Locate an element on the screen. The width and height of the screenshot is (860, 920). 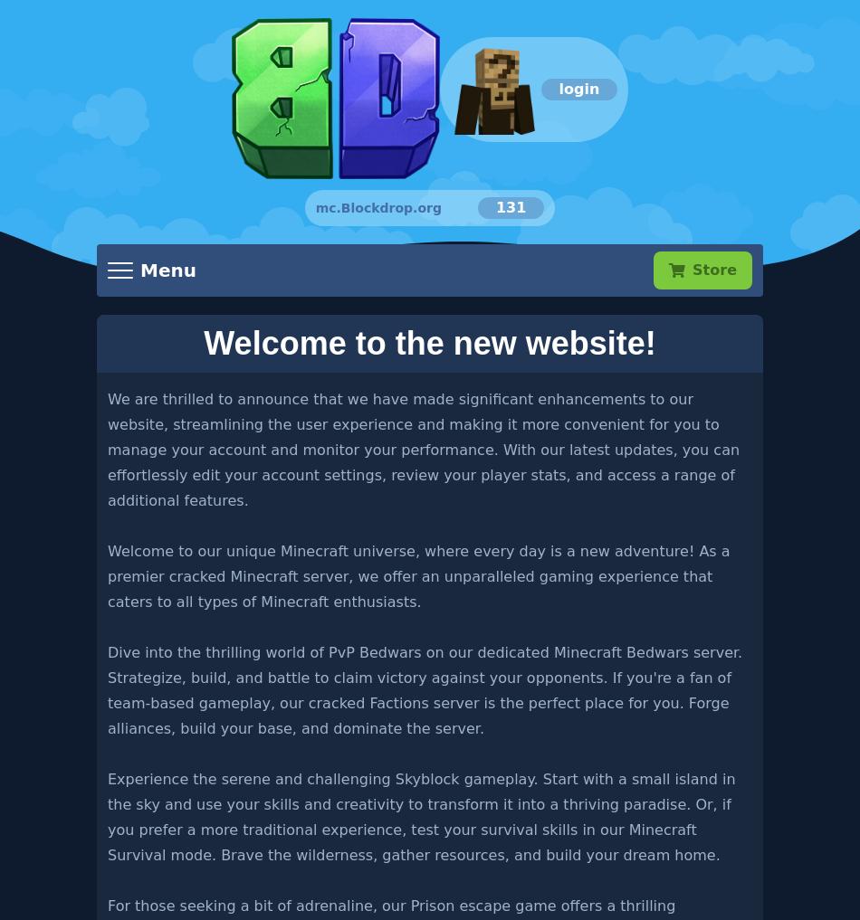
'Welcome to our unique Minecraft universe, where every day is a new adventure! As a premier cracked Minecraft server, we offer an unparalleled gaming experience that caters to all types of Minecraft enthusiasts.' is located at coordinates (417, 575).